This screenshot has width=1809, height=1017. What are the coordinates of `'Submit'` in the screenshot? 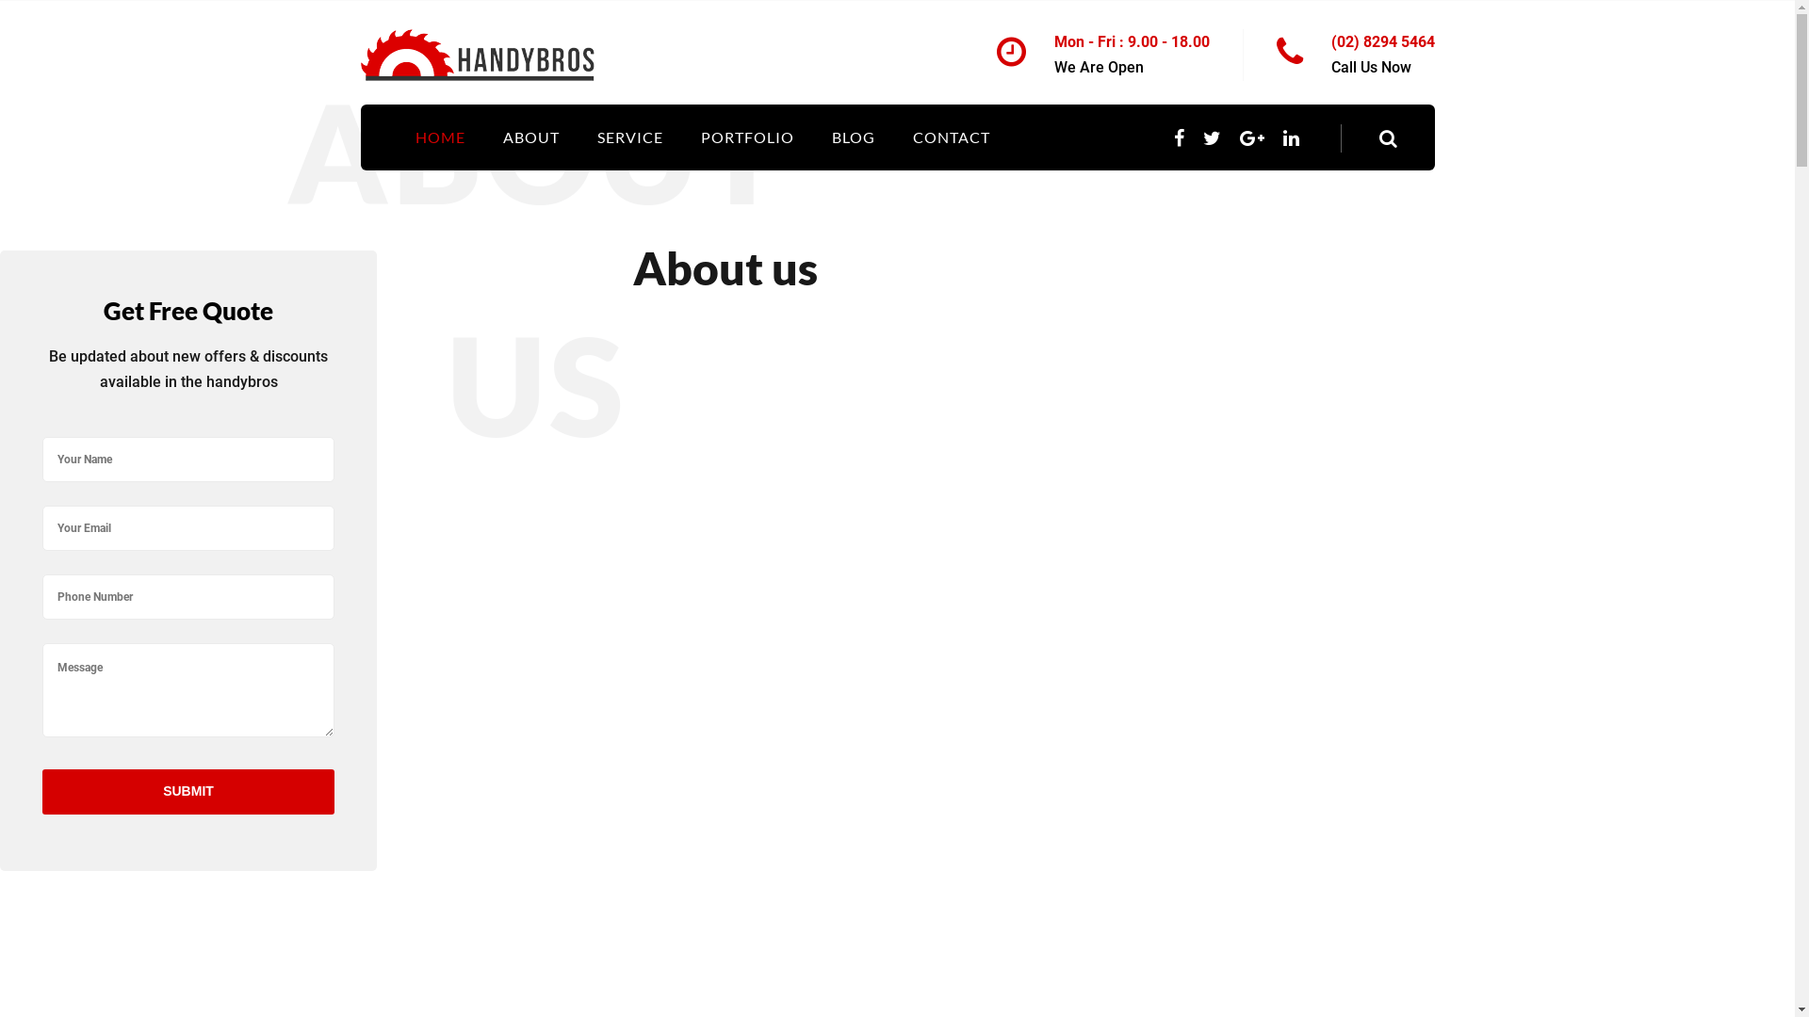 It's located at (188, 791).